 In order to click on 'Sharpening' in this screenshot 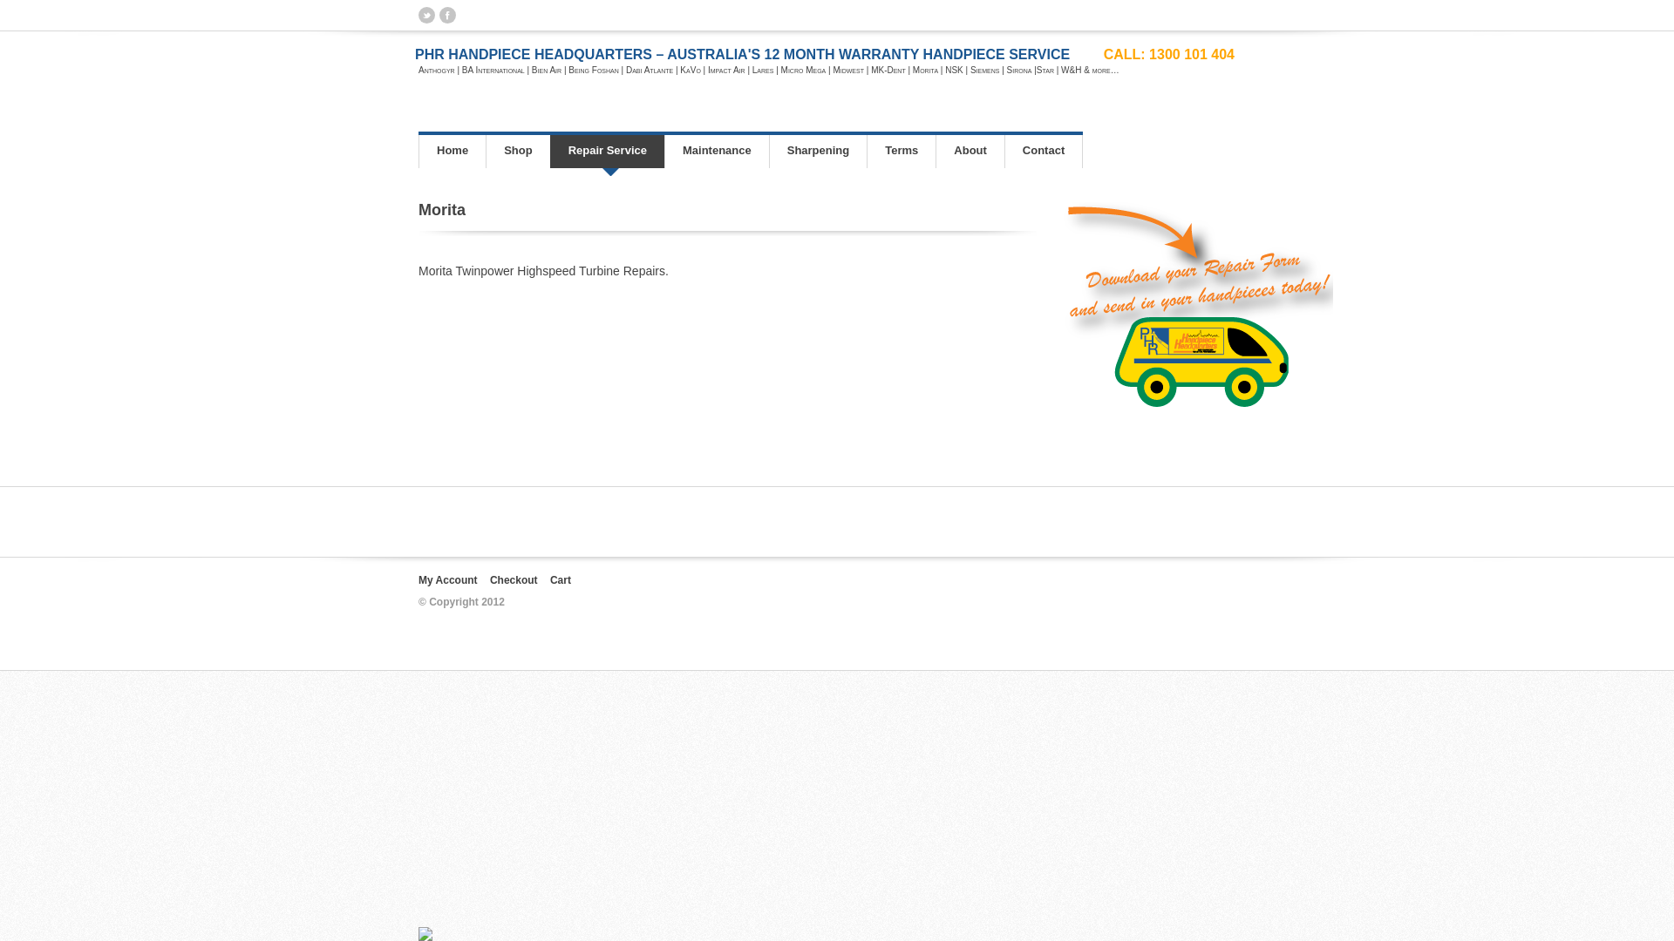, I will do `click(768, 150)`.